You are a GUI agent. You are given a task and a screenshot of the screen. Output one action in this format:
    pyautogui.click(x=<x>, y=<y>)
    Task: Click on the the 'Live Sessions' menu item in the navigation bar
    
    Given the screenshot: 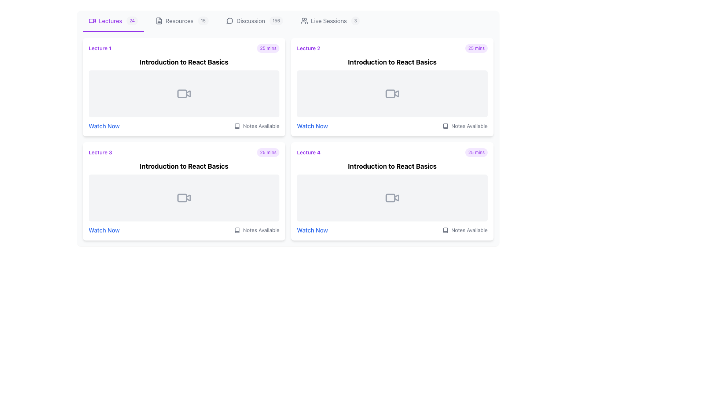 What is the action you would take?
    pyautogui.click(x=330, y=21)
    